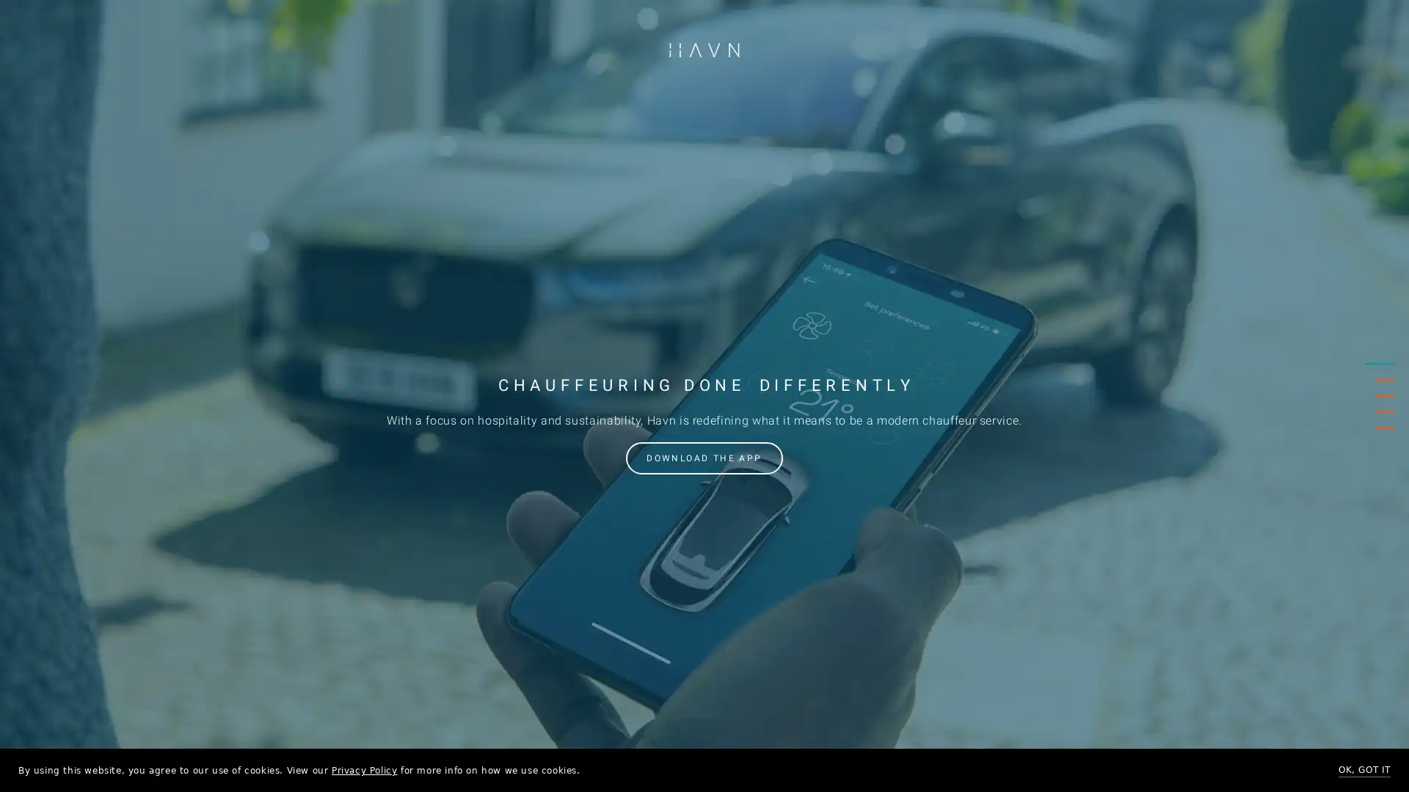 The height and width of the screenshot is (792, 1409). Describe the element at coordinates (1364, 769) in the screenshot. I see `OK, GOT IT` at that location.